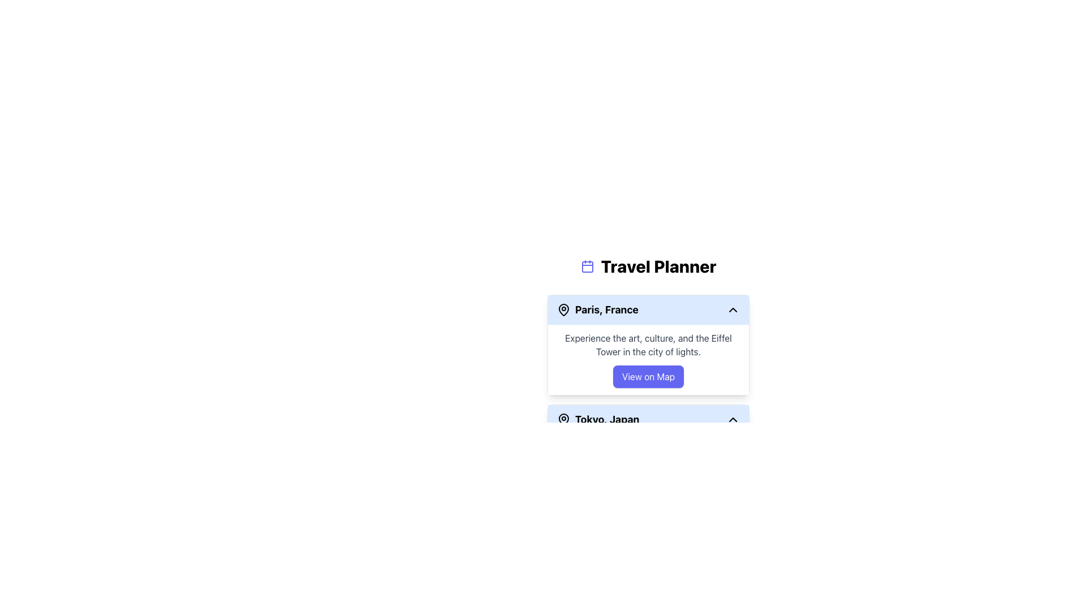  I want to click on the 'Travel Planner' header text with the calendar icon, so click(648, 266).